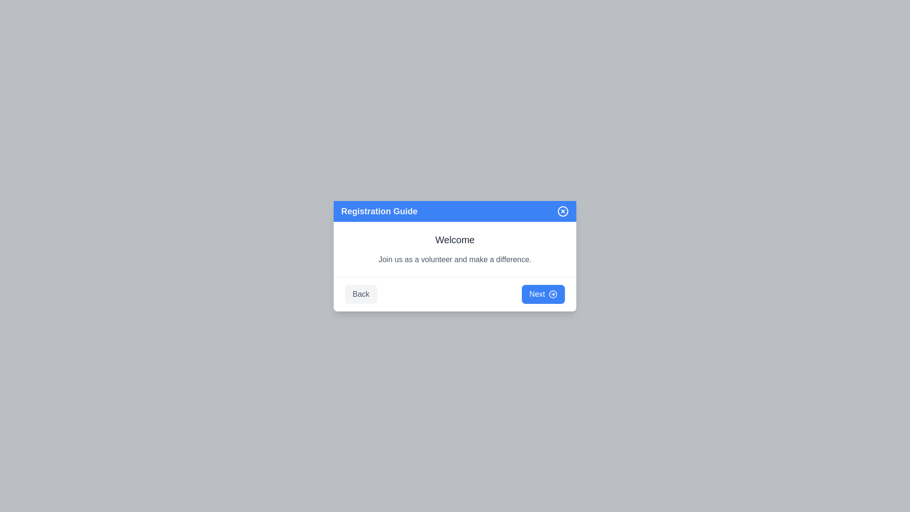 Image resolution: width=910 pixels, height=512 pixels. What do you see at coordinates (543, 293) in the screenshot?
I see `the 'Next' button` at bounding box center [543, 293].